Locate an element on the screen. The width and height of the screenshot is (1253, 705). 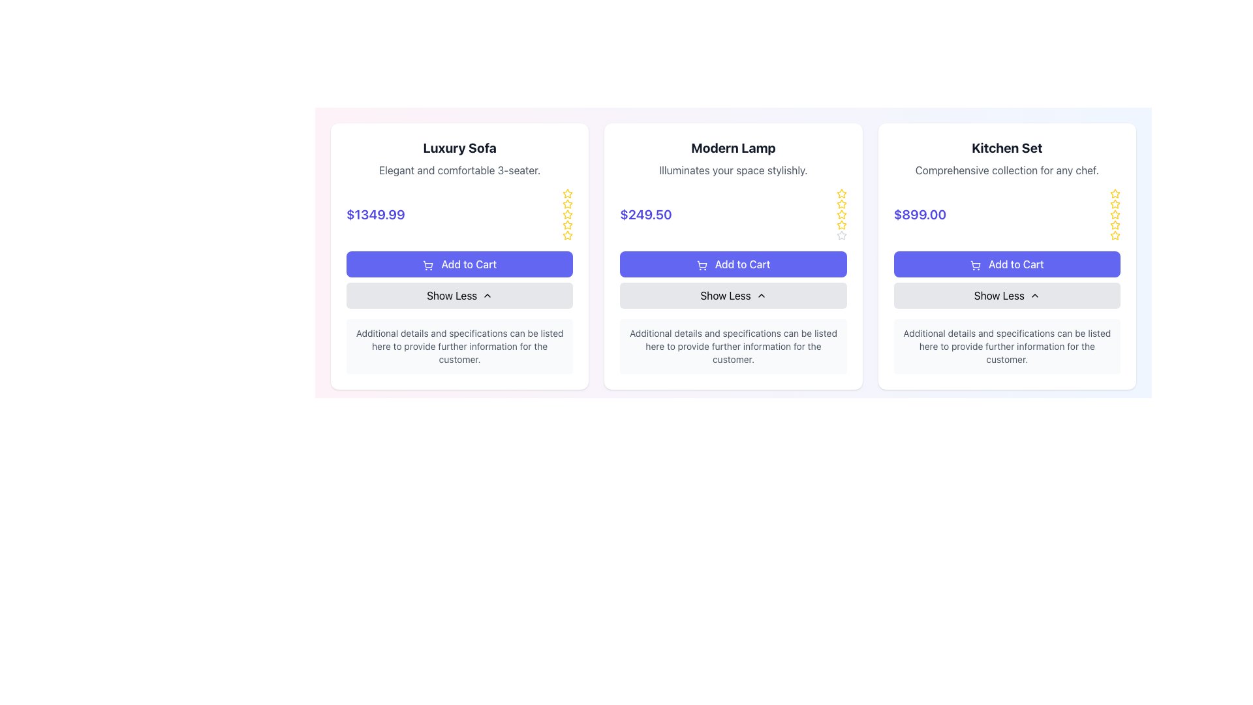
the 'Show Less' button located at the bottom of the 'Luxury Sofa' card is located at coordinates (459, 295).